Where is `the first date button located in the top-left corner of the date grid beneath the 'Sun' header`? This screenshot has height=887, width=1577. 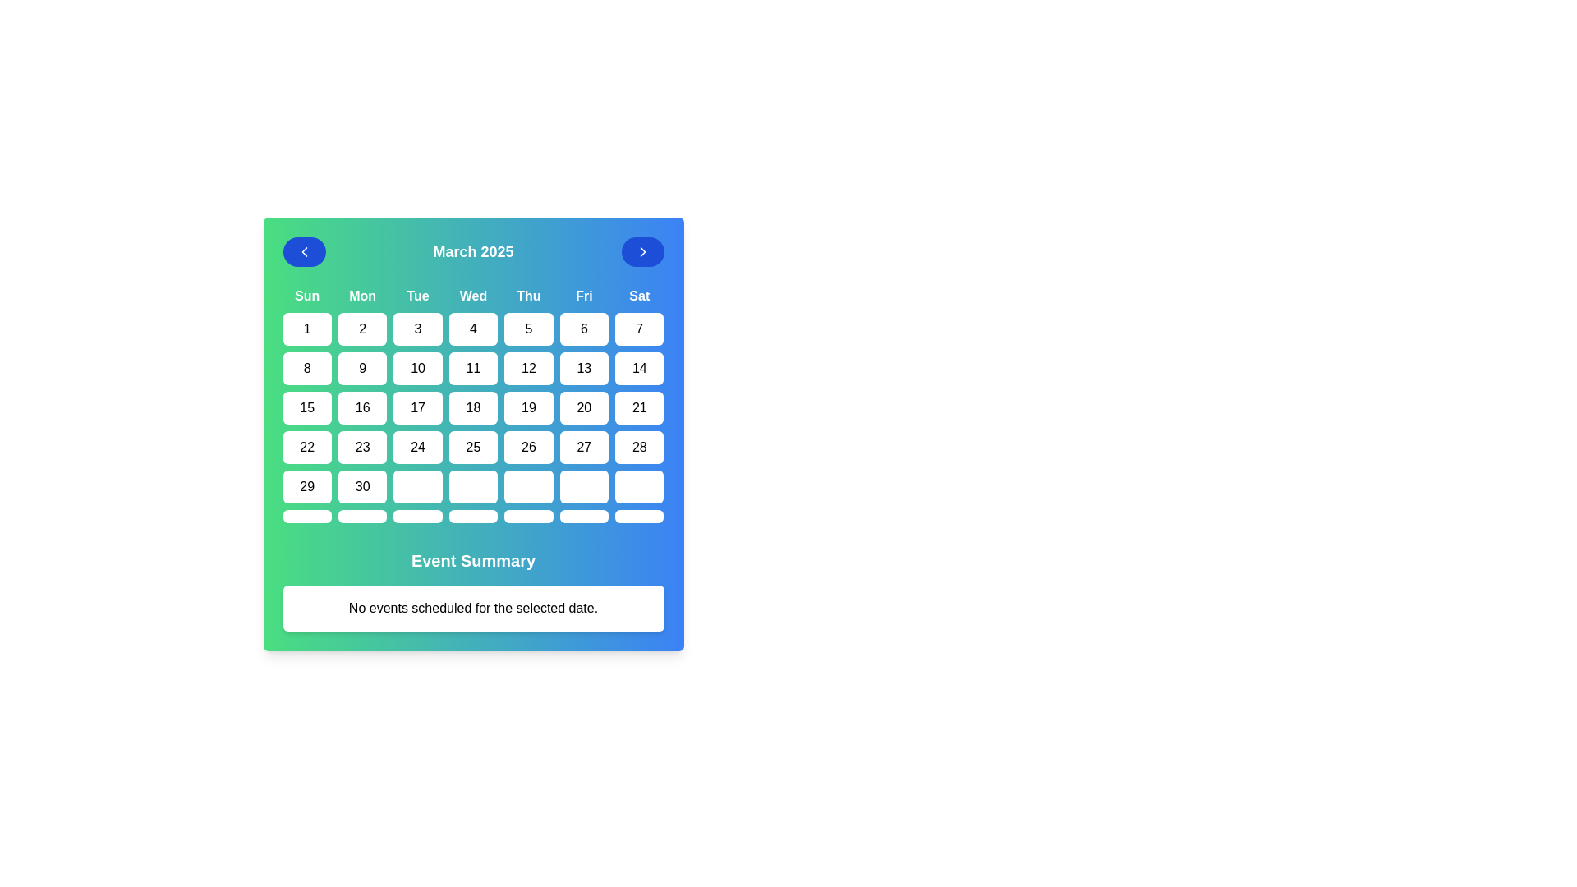
the first date button located in the top-left corner of the date grid beneath the 'Sun' header is located at coordinates (307, 329).